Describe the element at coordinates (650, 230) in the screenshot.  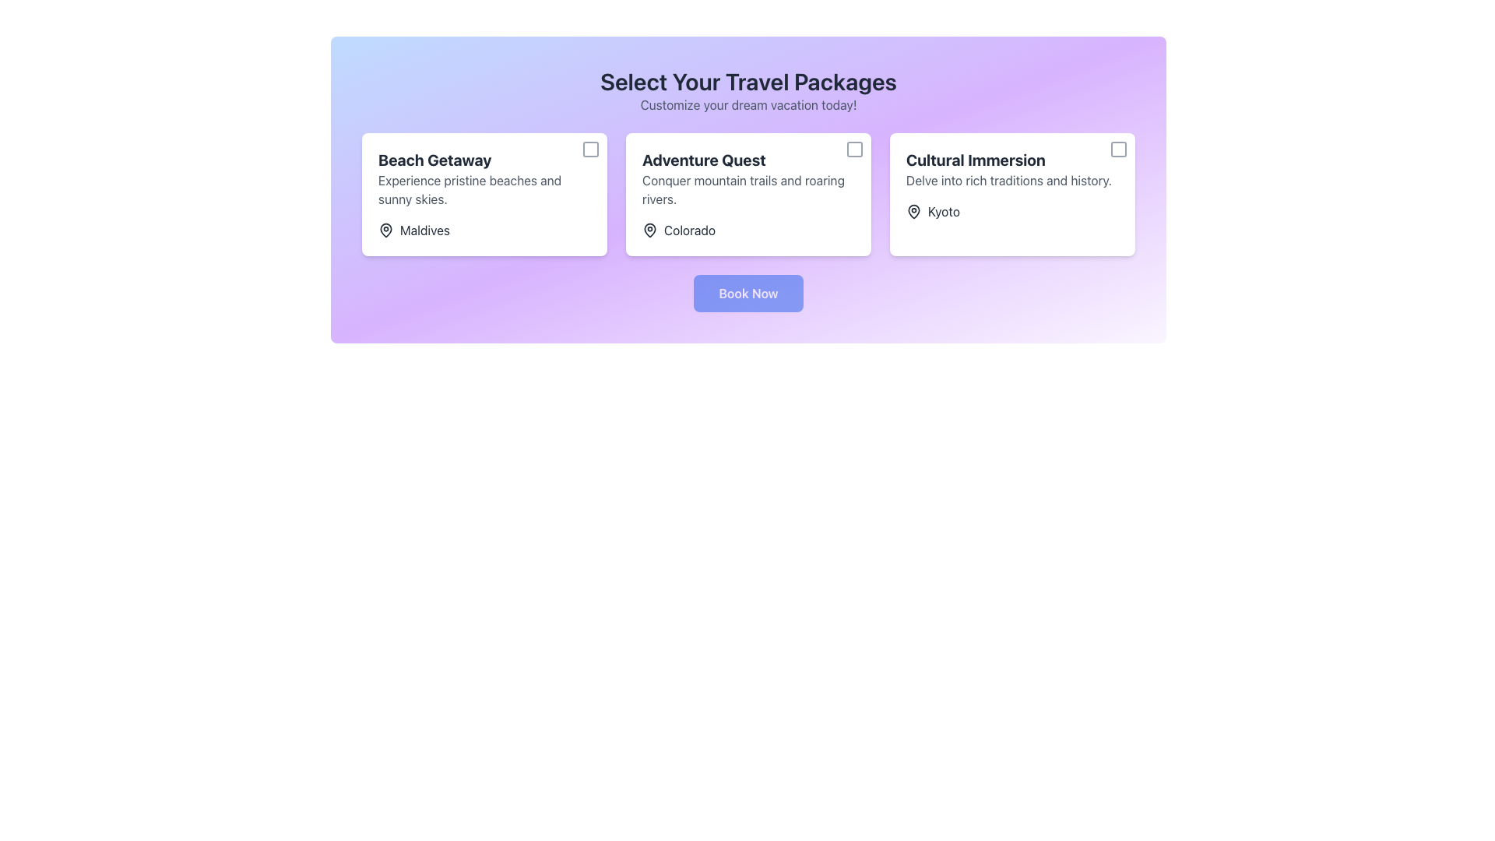
I see `the pin-shaped icon located to the left of the text 'Colorado' in the 'Adventure Quest' card of the travel package selection interface` at that location.